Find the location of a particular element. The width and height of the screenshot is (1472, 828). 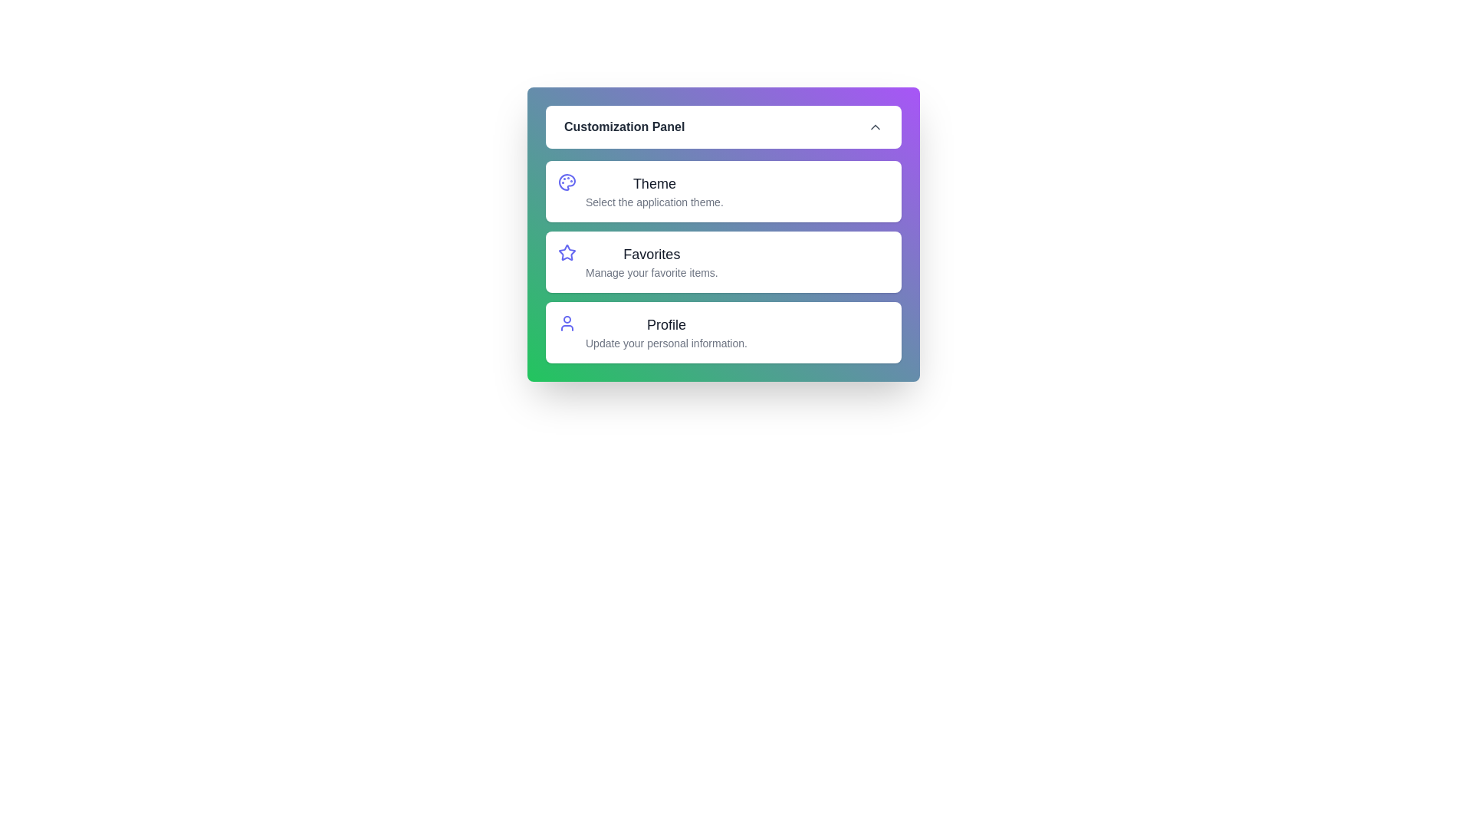

the 'Theme' option in the customization panel is located at coordinates (723, 191).